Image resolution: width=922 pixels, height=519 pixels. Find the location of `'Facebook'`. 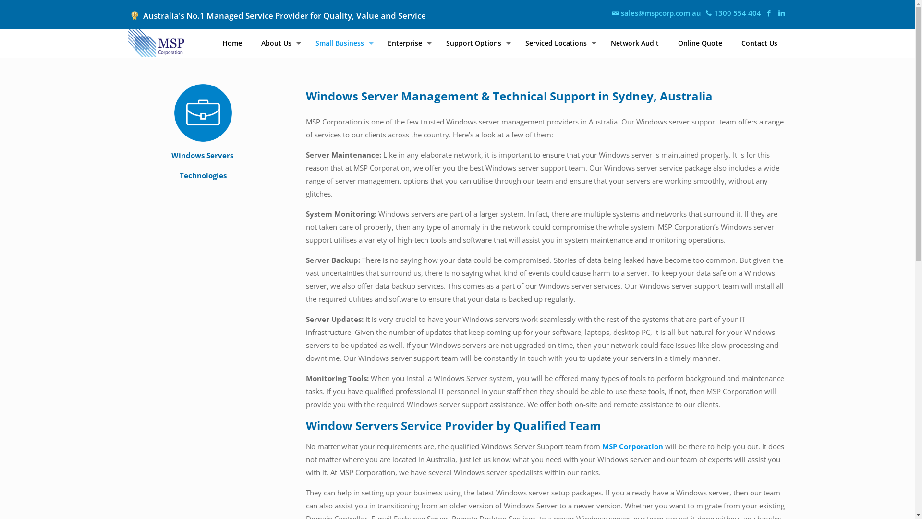

'Facebook' is located at coordinates (782, 13).